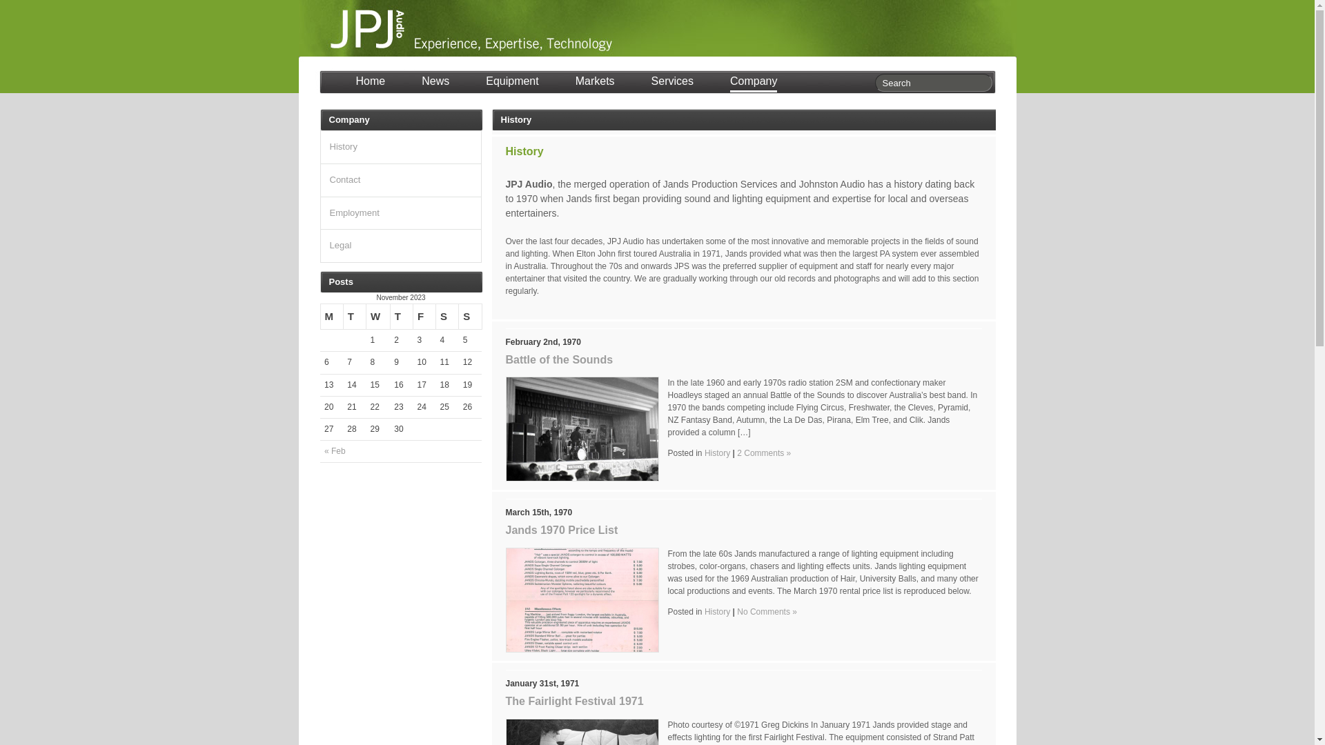  I want to click on 'Employment', so click(354, 212).